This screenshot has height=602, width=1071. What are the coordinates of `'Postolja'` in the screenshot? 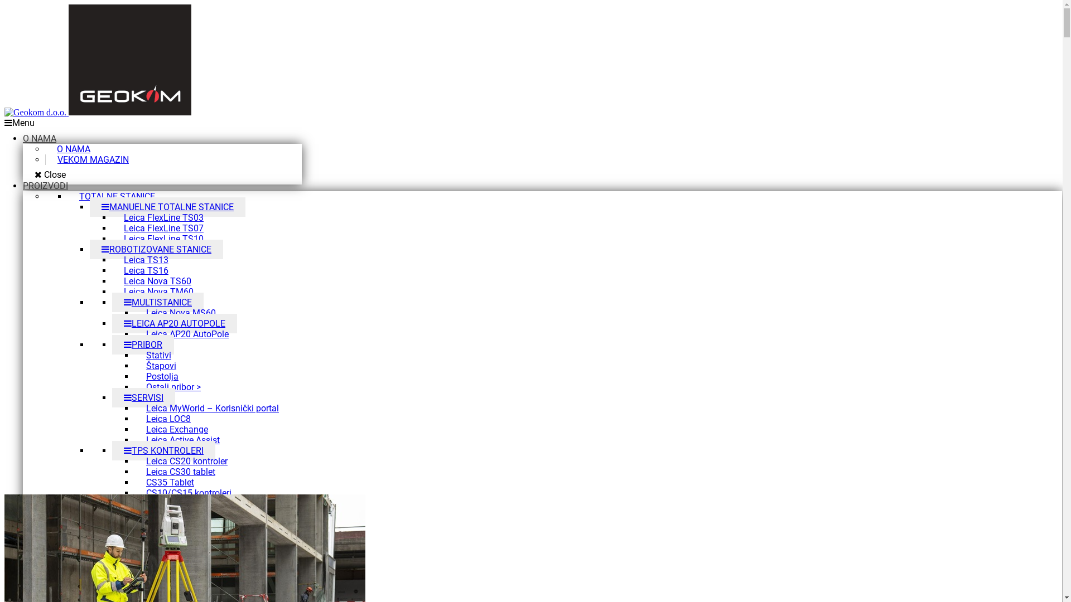 It's located at (162, 376).